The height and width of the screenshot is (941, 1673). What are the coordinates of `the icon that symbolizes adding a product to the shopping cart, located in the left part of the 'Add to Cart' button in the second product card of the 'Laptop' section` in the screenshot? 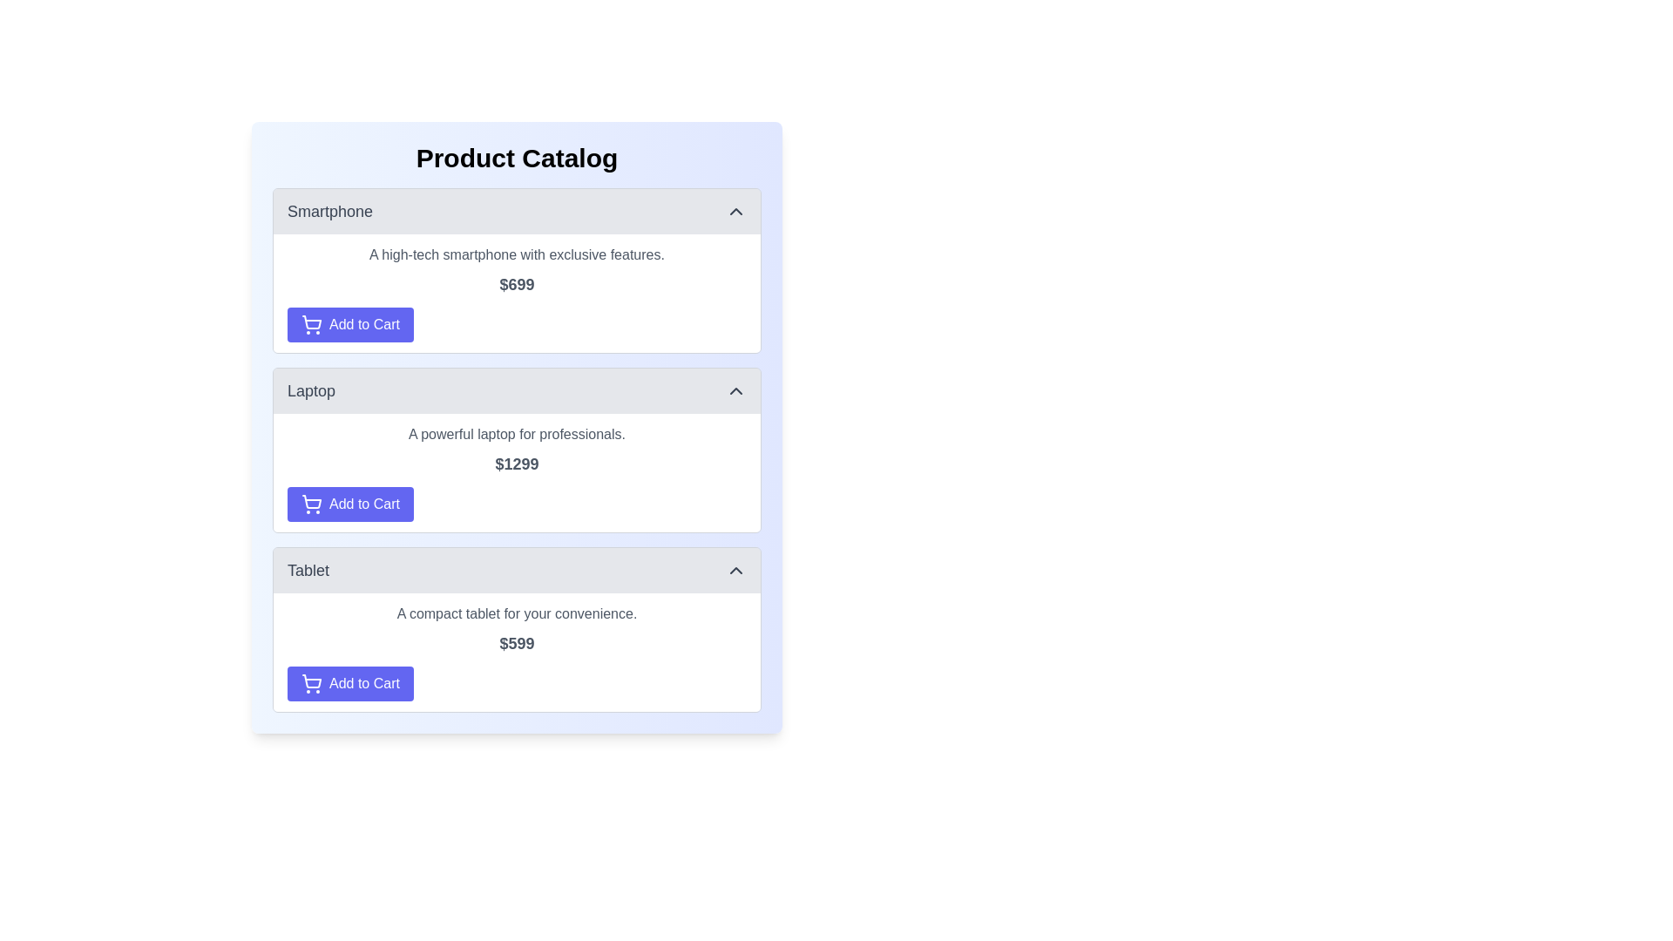 It's located at (312, 504).